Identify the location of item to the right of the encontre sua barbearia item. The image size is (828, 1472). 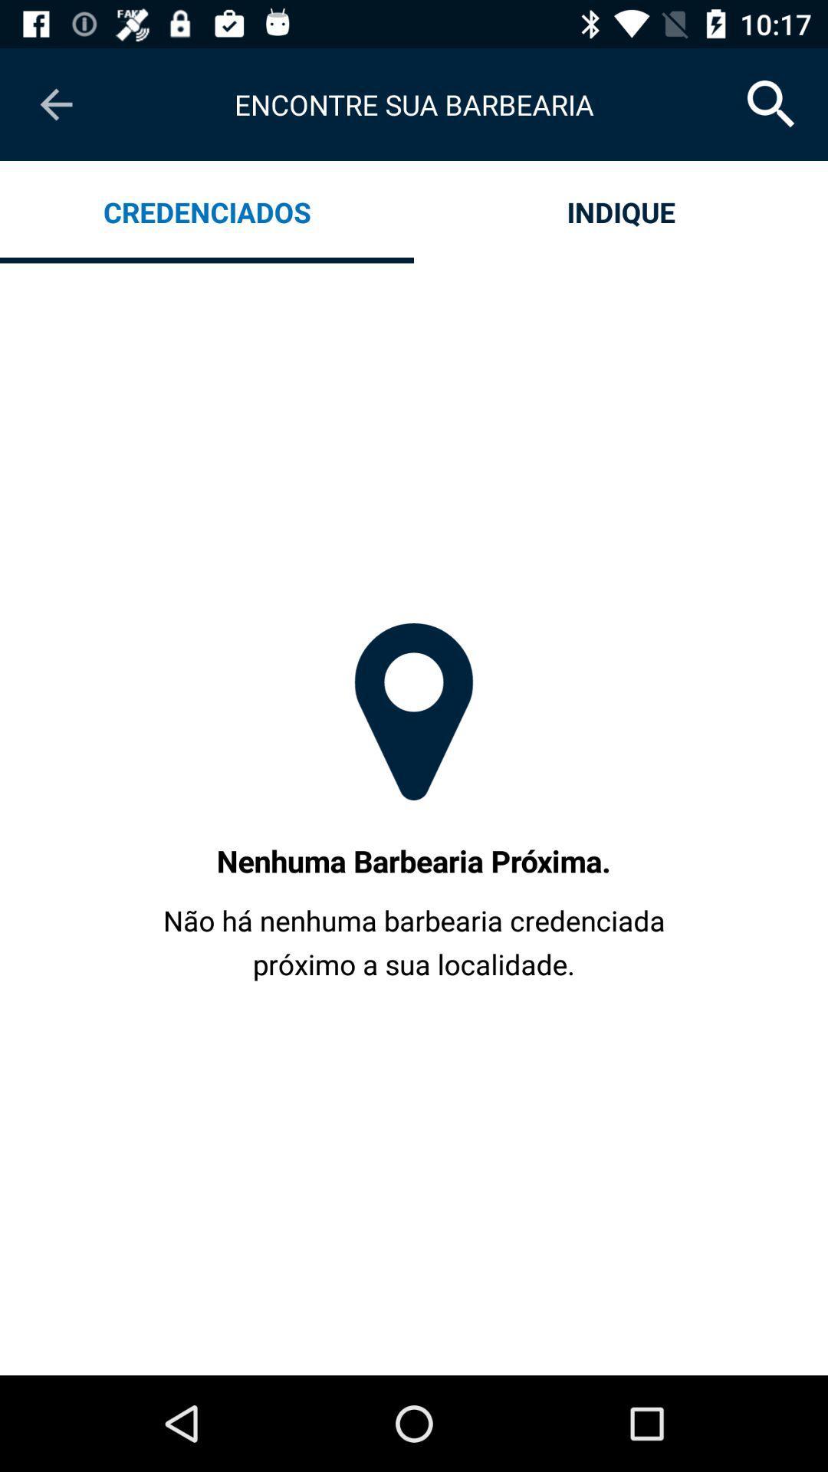
(771, 103).